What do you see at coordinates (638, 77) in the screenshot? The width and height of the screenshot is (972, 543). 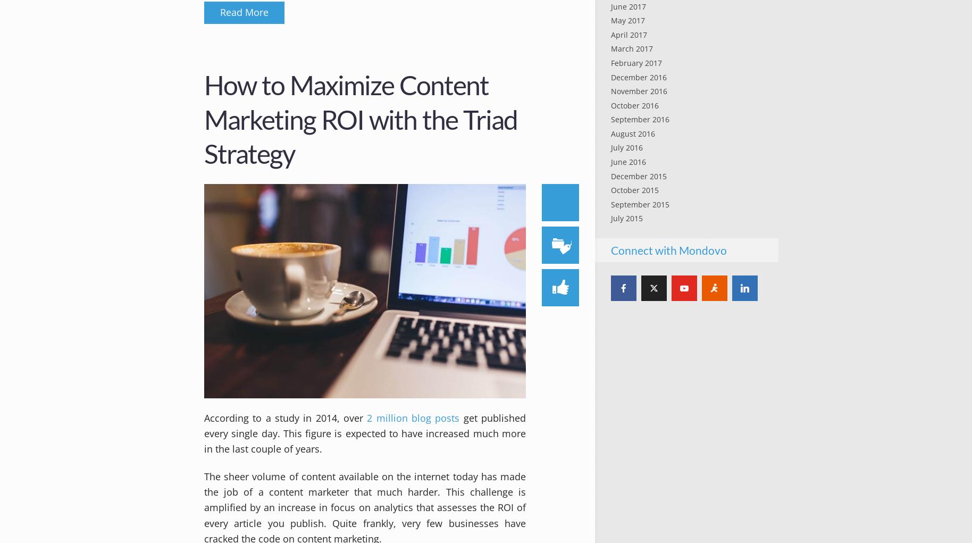 I see `'December 2016'` at bounding box center [638, 77].